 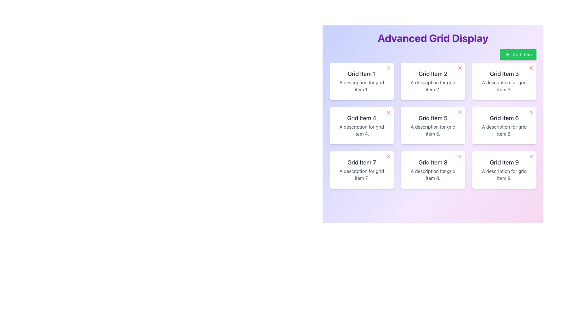 What do you see at coordinates (531, 67) in the screenshot?
I see `the close button, which is a red 'X' icon located at the top-right corner of 'Grid Item 3', to trigger the hover color change effect` at bounding box center [531, 67].